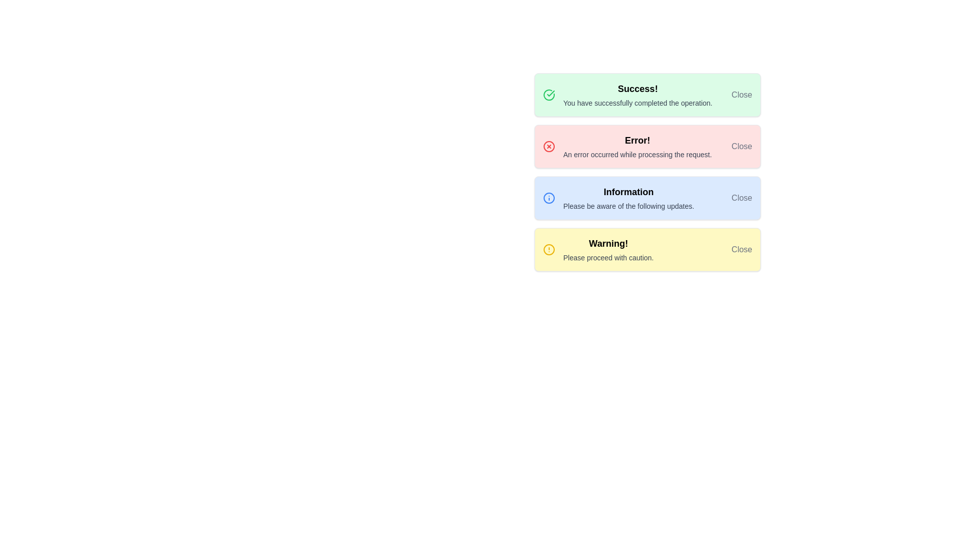  What do you see at coordinates (637, 88) in the screenshot?
I see `the bold 'Success!' text label located in the top section of a green alert box, which is part of a vertically stacked group of alert boxes` at bounding box center [637, 88].